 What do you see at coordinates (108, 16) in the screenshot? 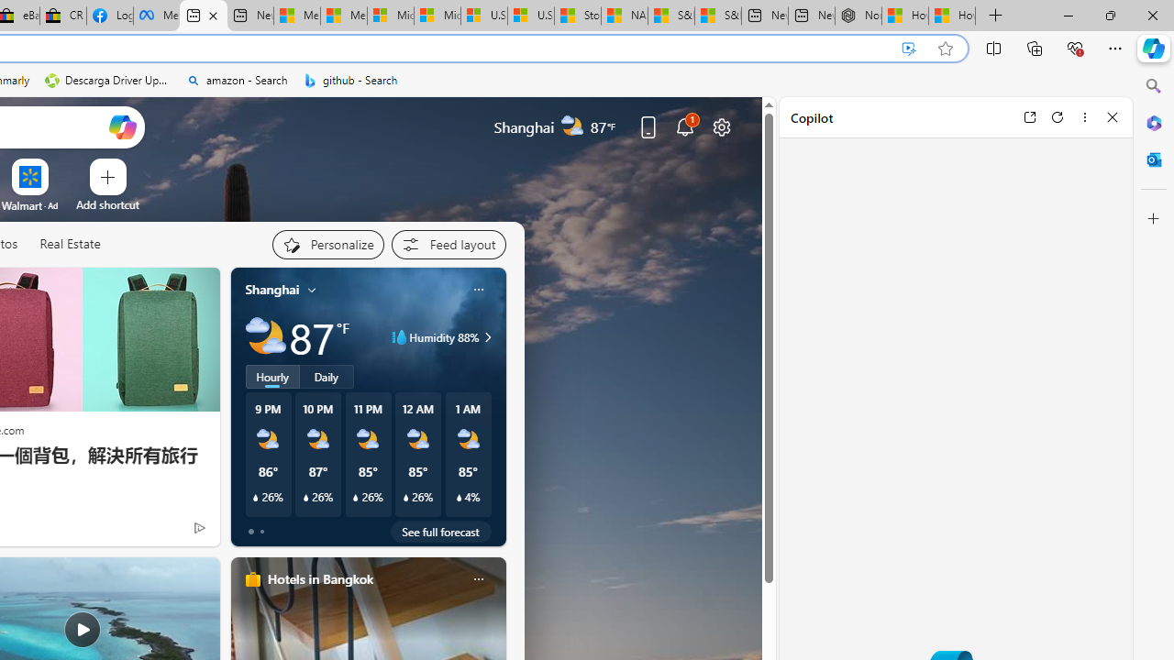
I see `'Log into Facebook'` at bounding box center [108, 16].